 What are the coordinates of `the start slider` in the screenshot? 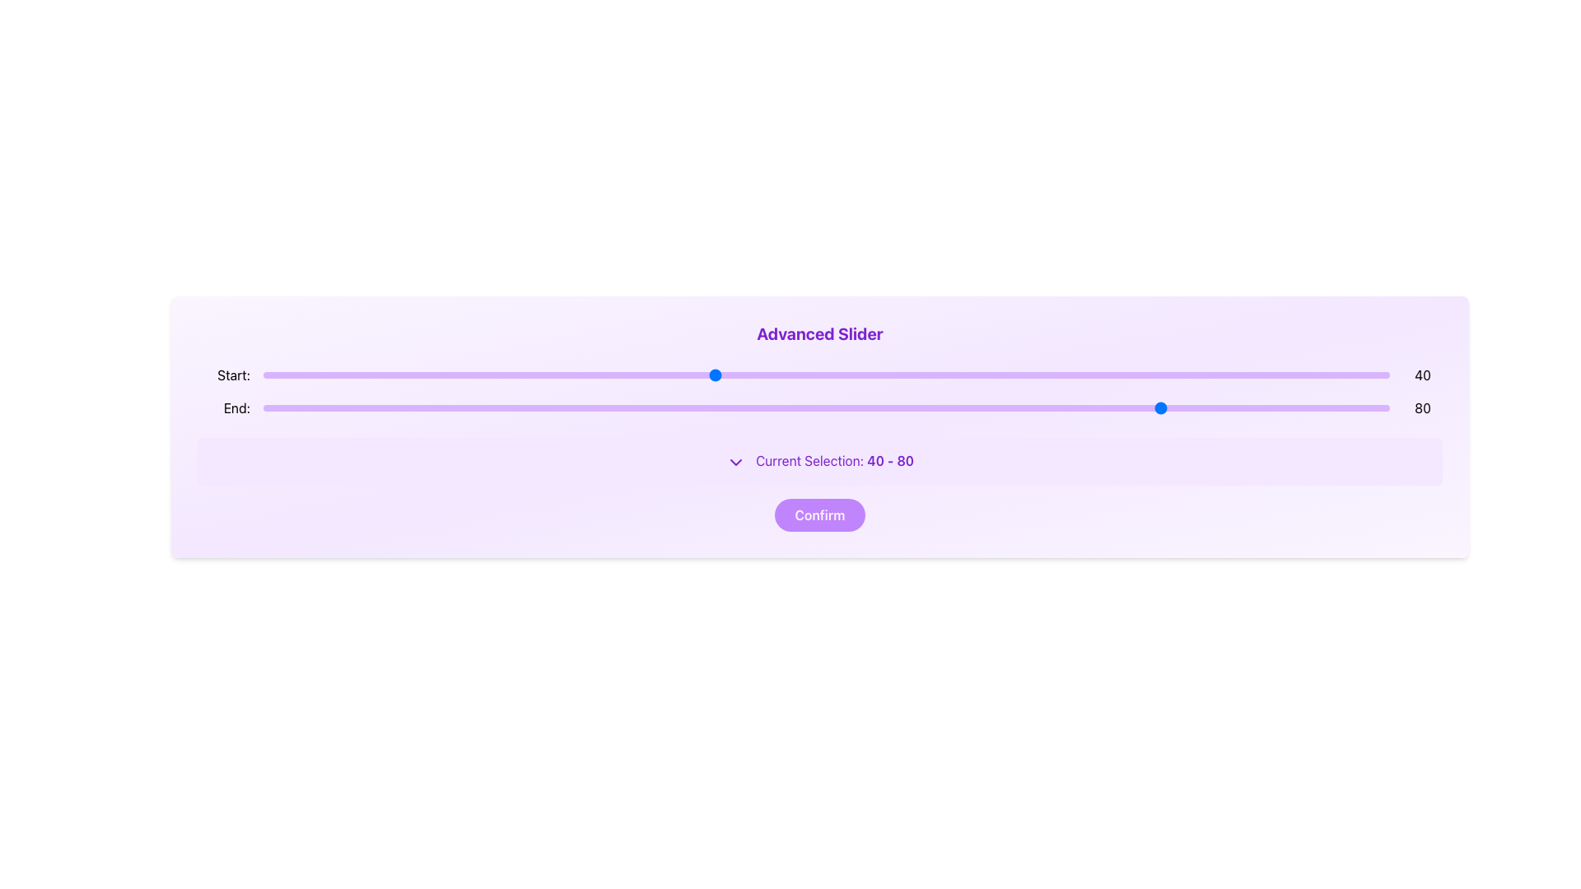 It's located at (1152, 375).